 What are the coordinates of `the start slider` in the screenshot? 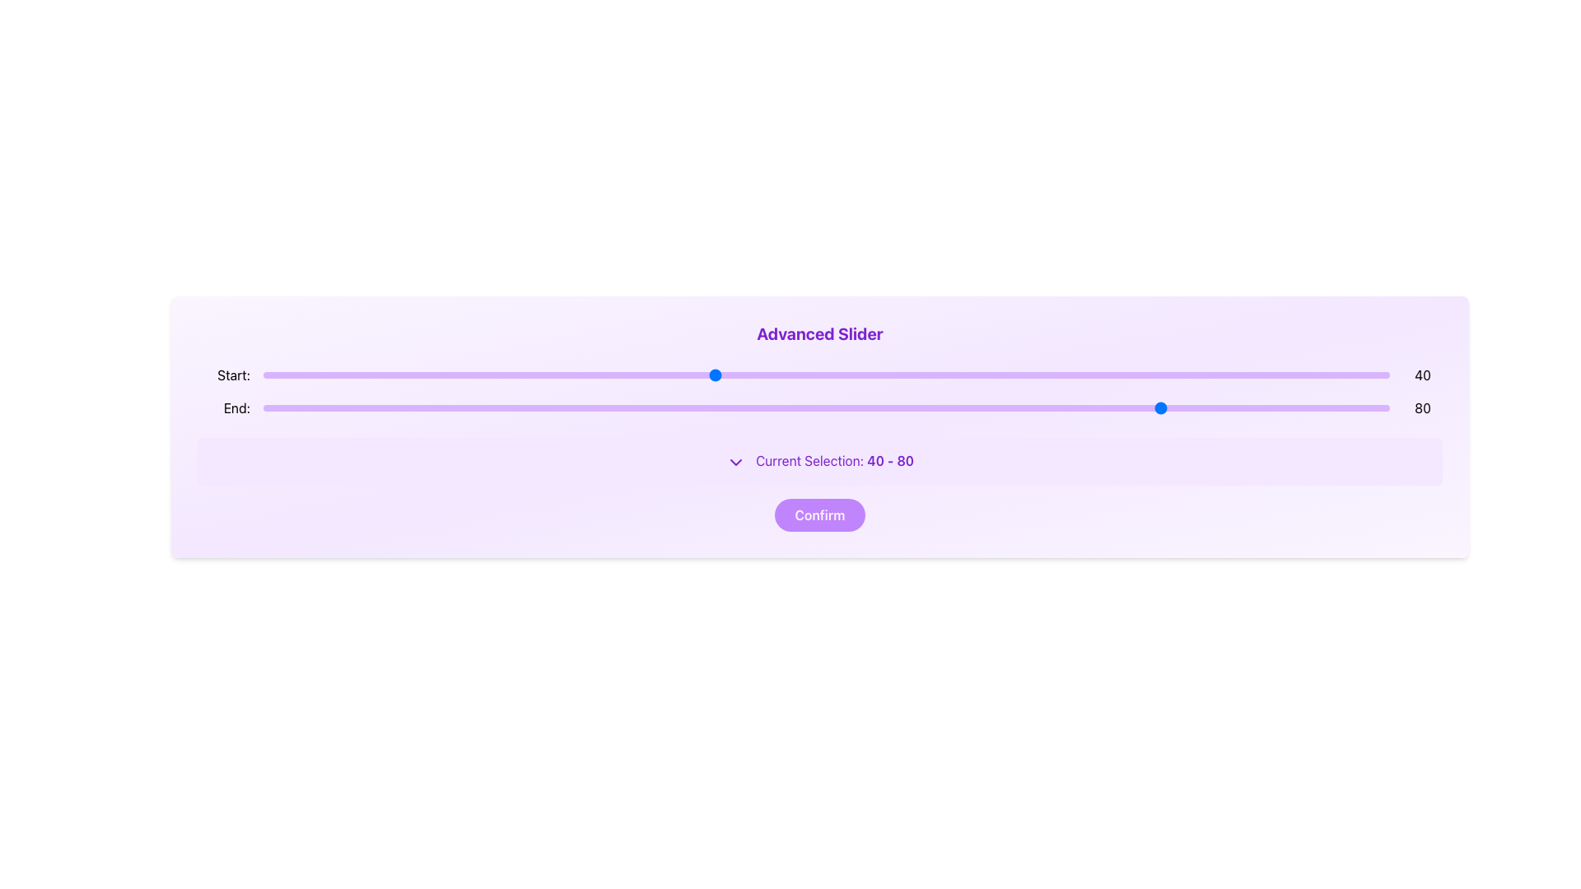 It's located at (1152, 375).